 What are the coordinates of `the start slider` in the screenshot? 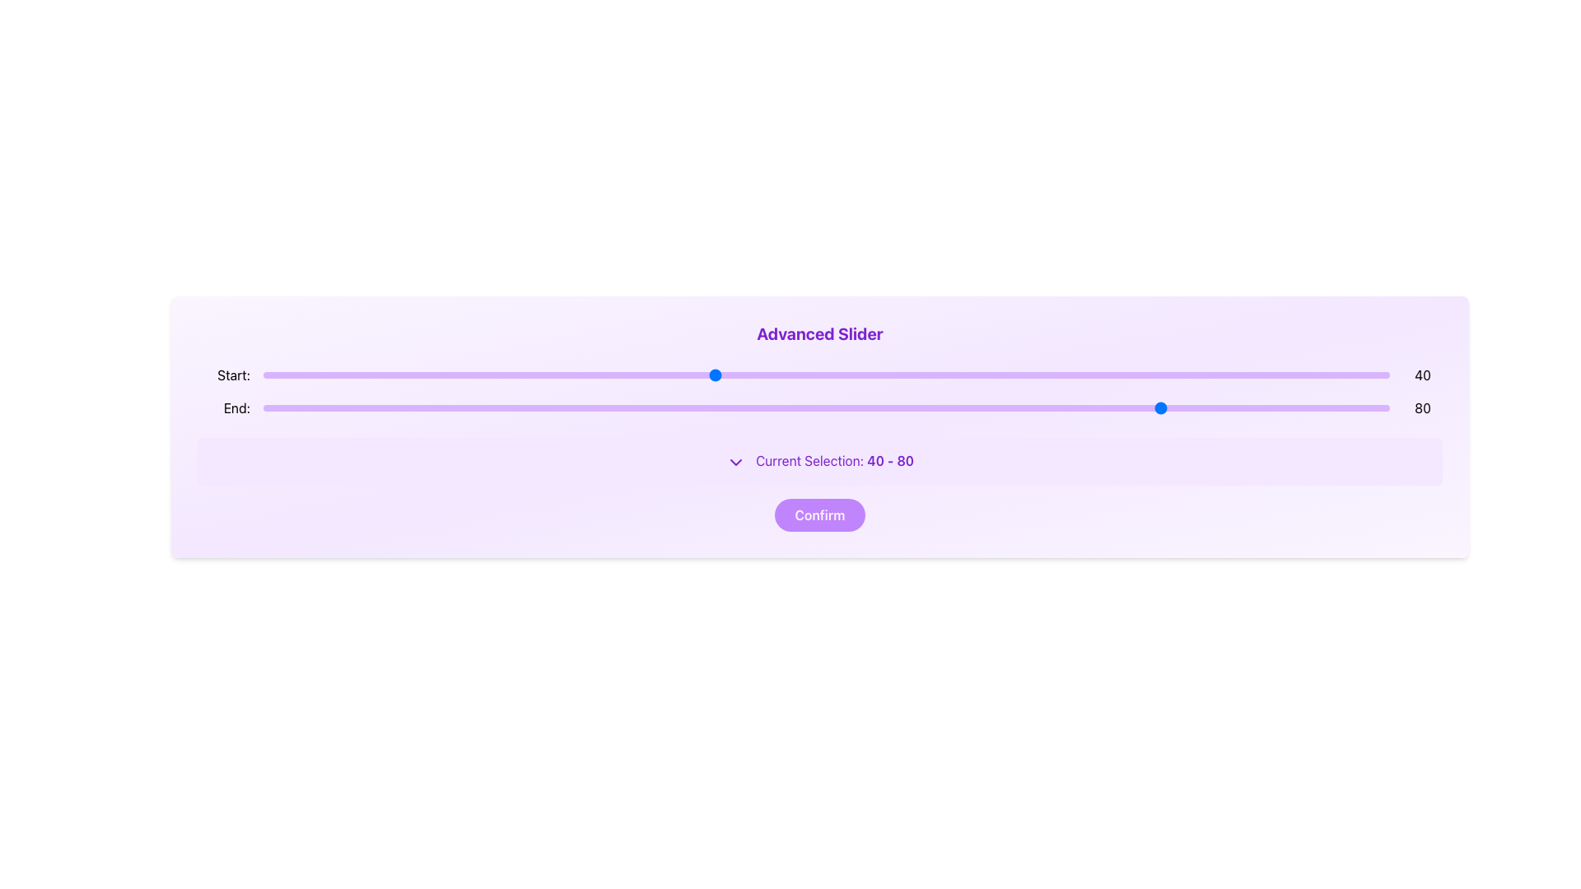 It's located at (1152, 375).